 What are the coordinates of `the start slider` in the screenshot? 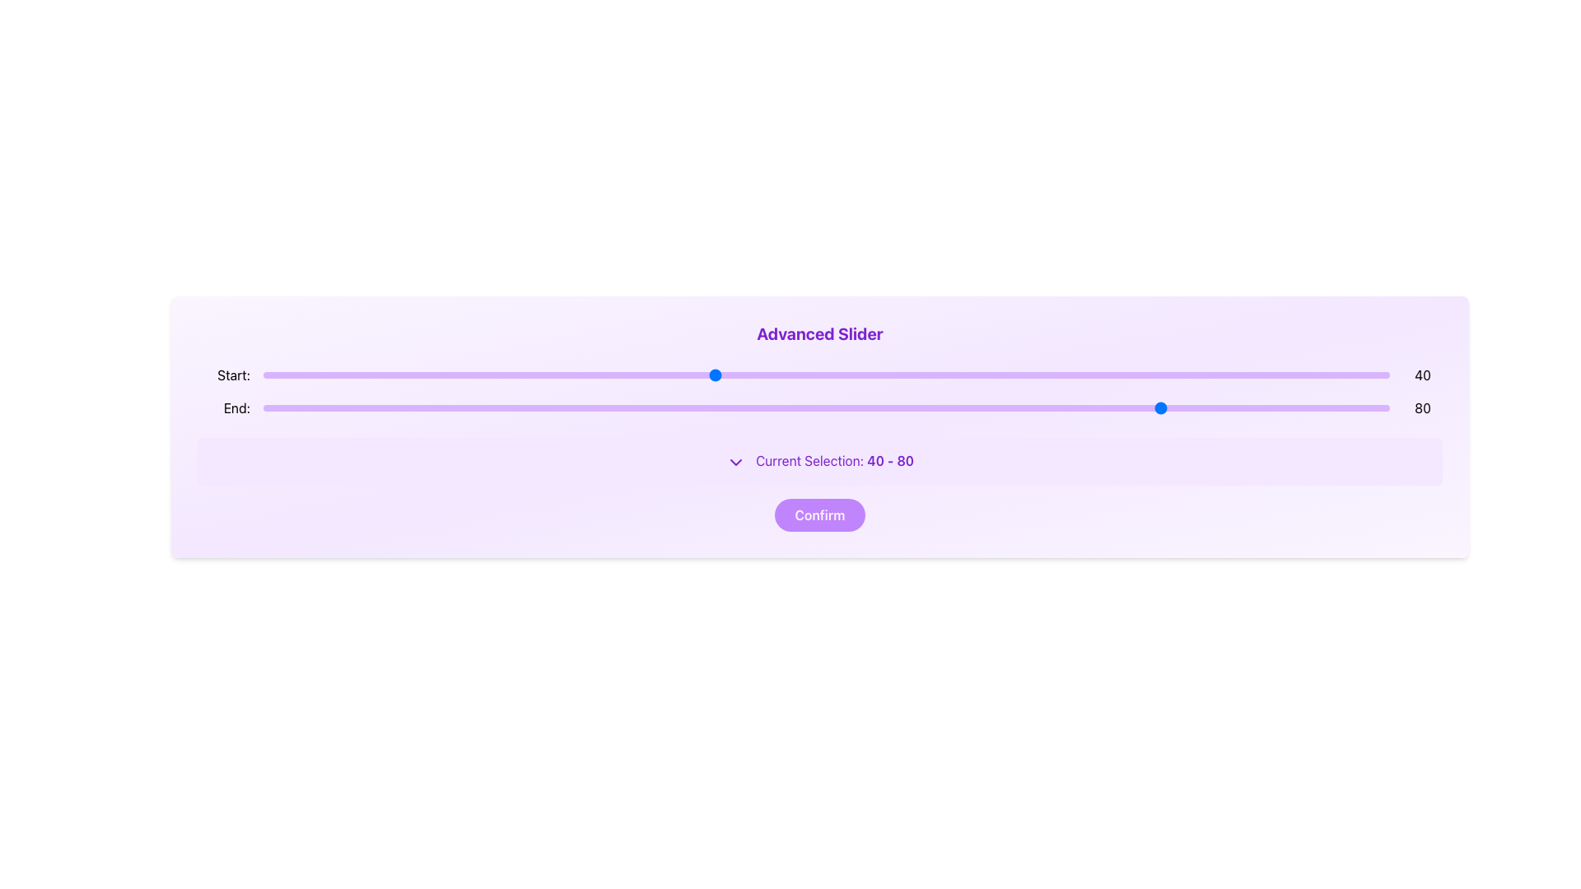 It's located at (1152, 375).